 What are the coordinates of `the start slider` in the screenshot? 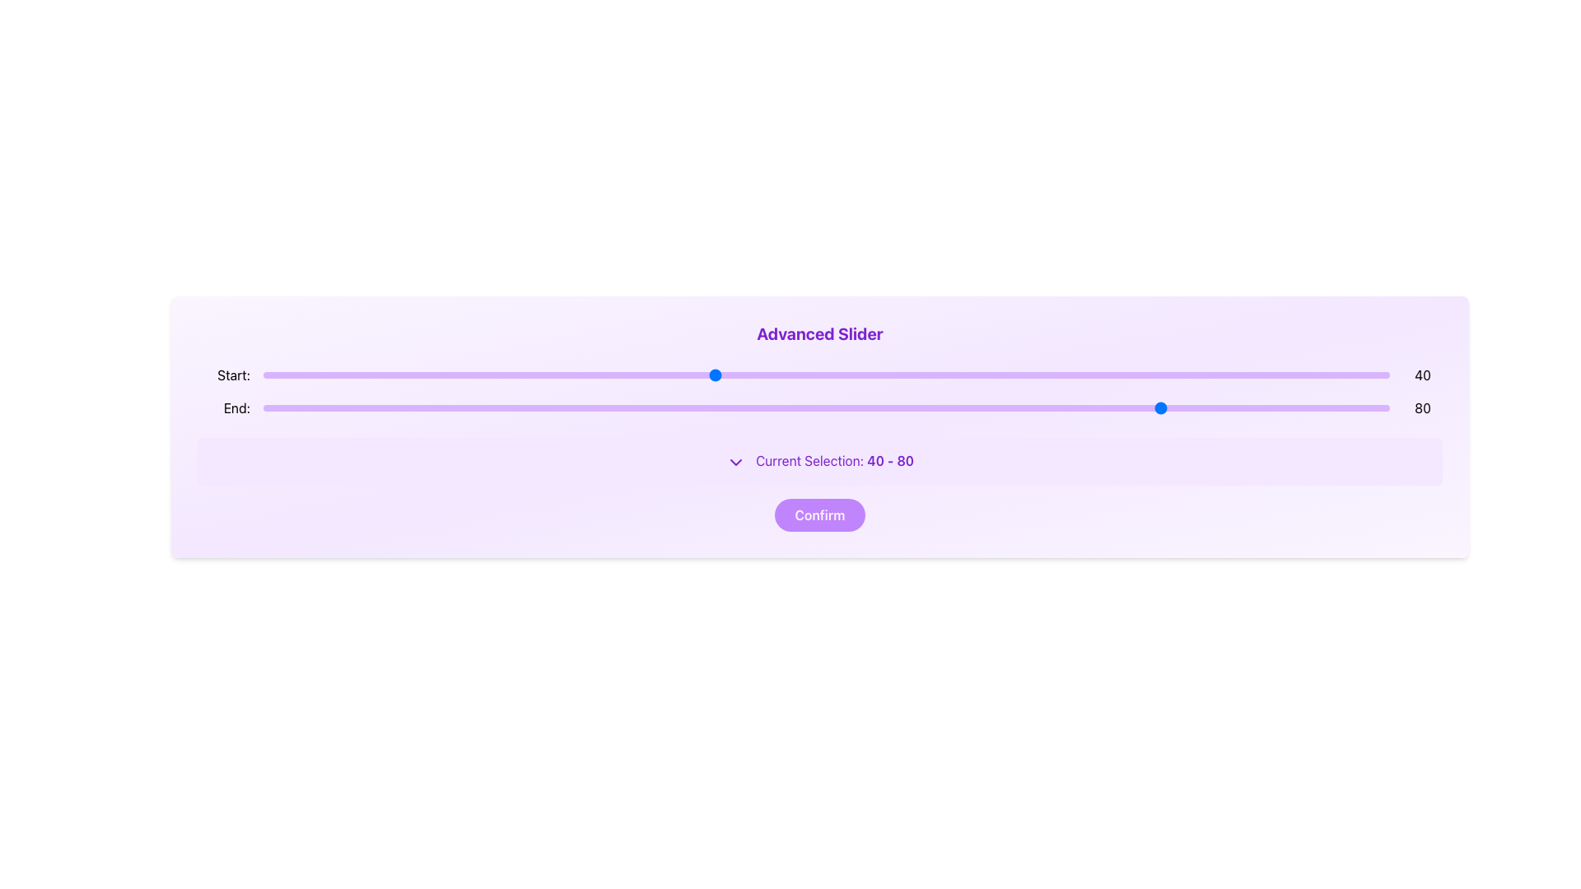 It's located at (1152, 375).